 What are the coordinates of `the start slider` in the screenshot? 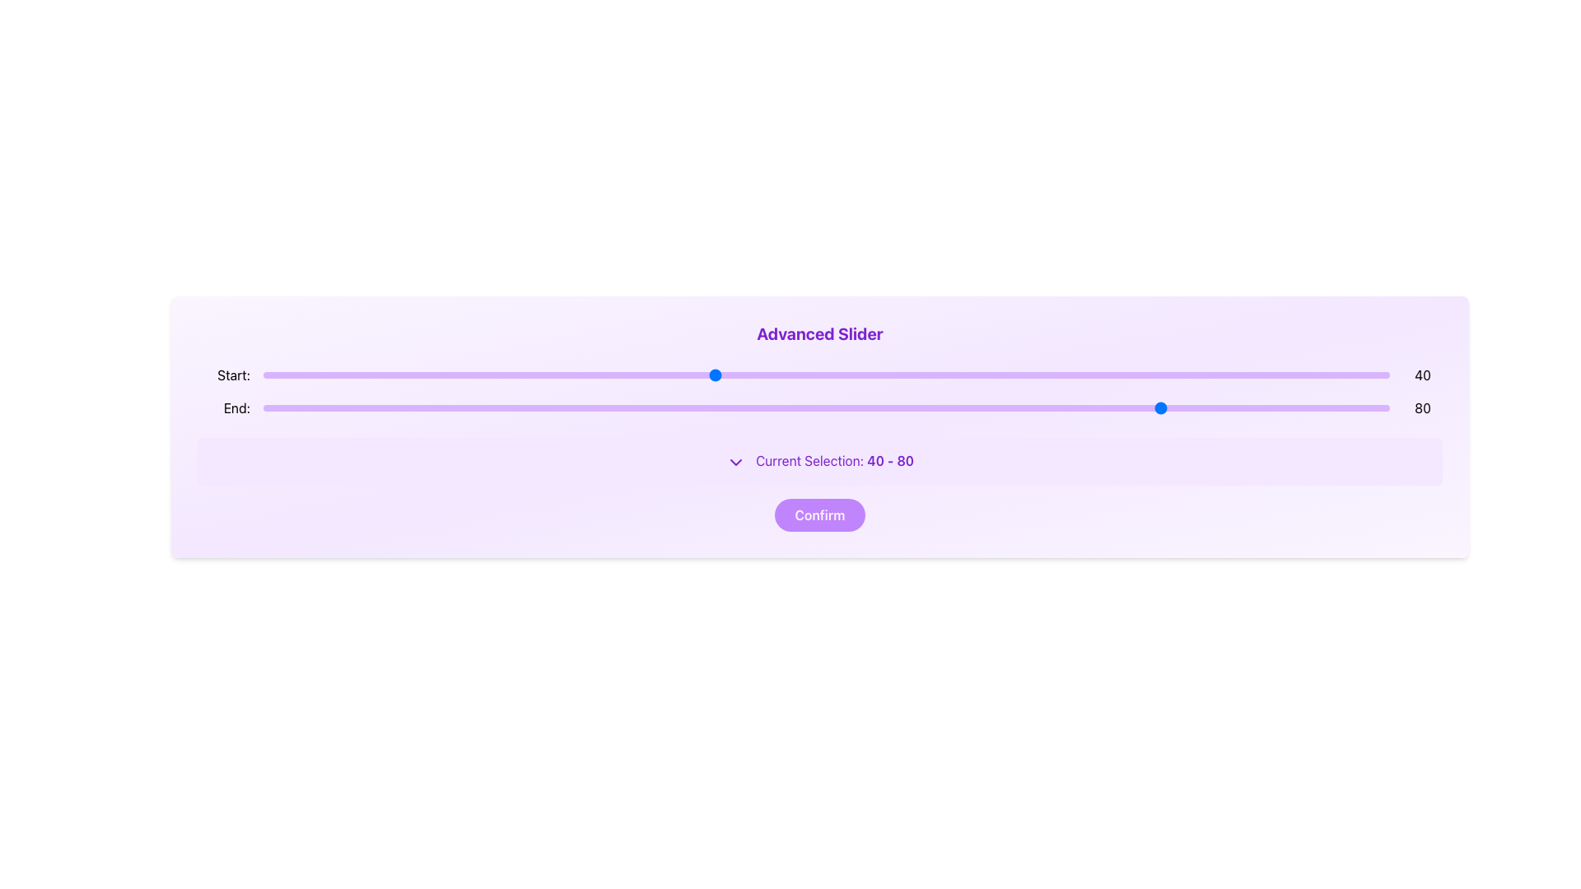 It's located at (1152, 375).